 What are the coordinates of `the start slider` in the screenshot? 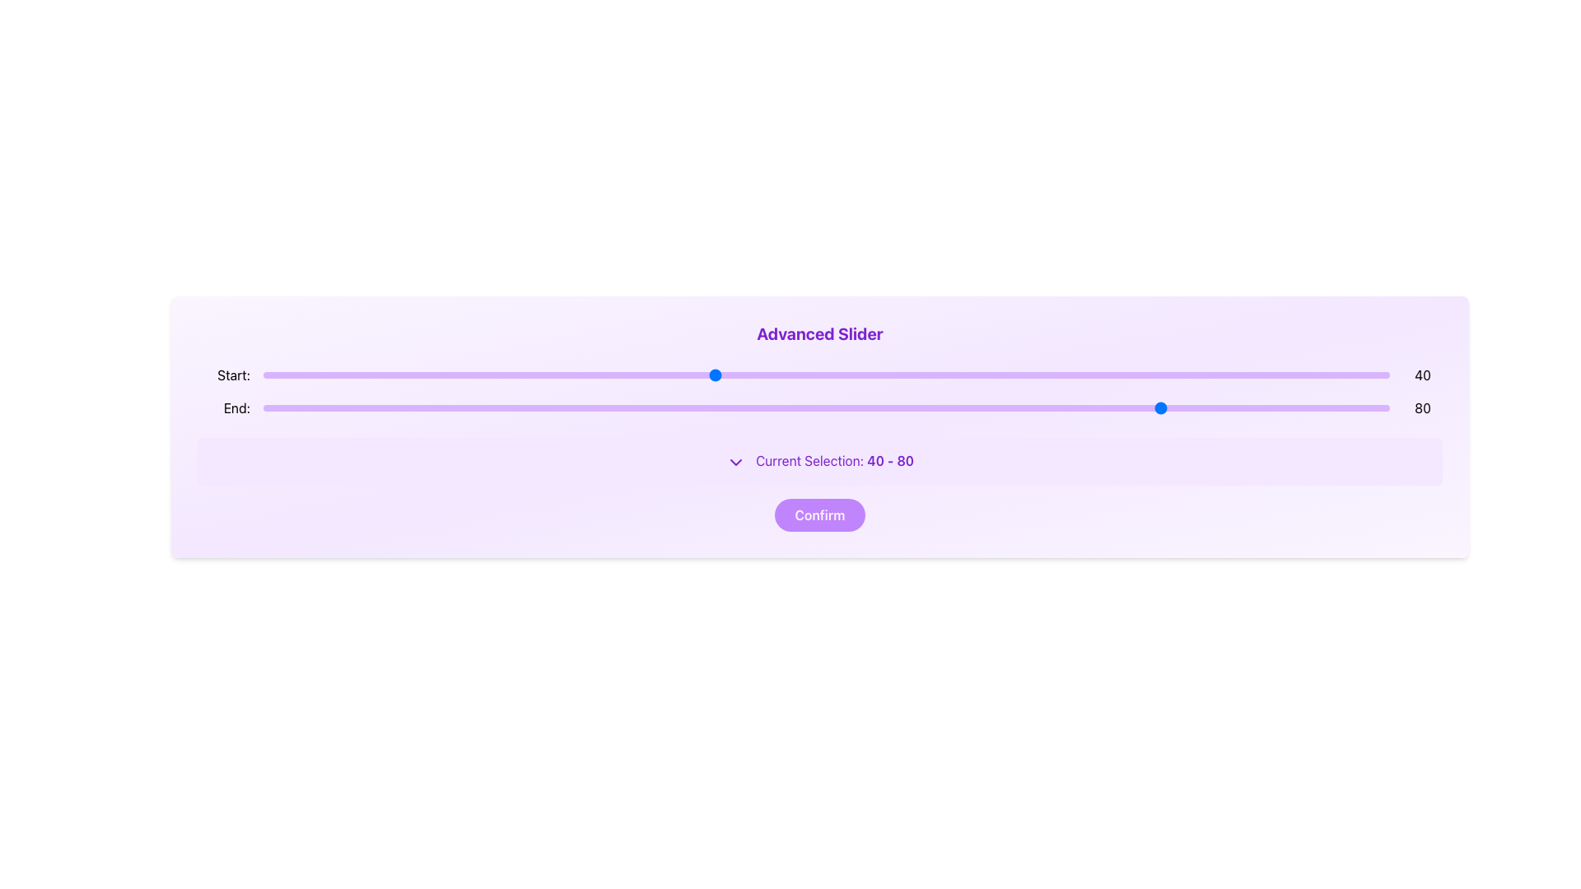 It's located at (1152, 375).